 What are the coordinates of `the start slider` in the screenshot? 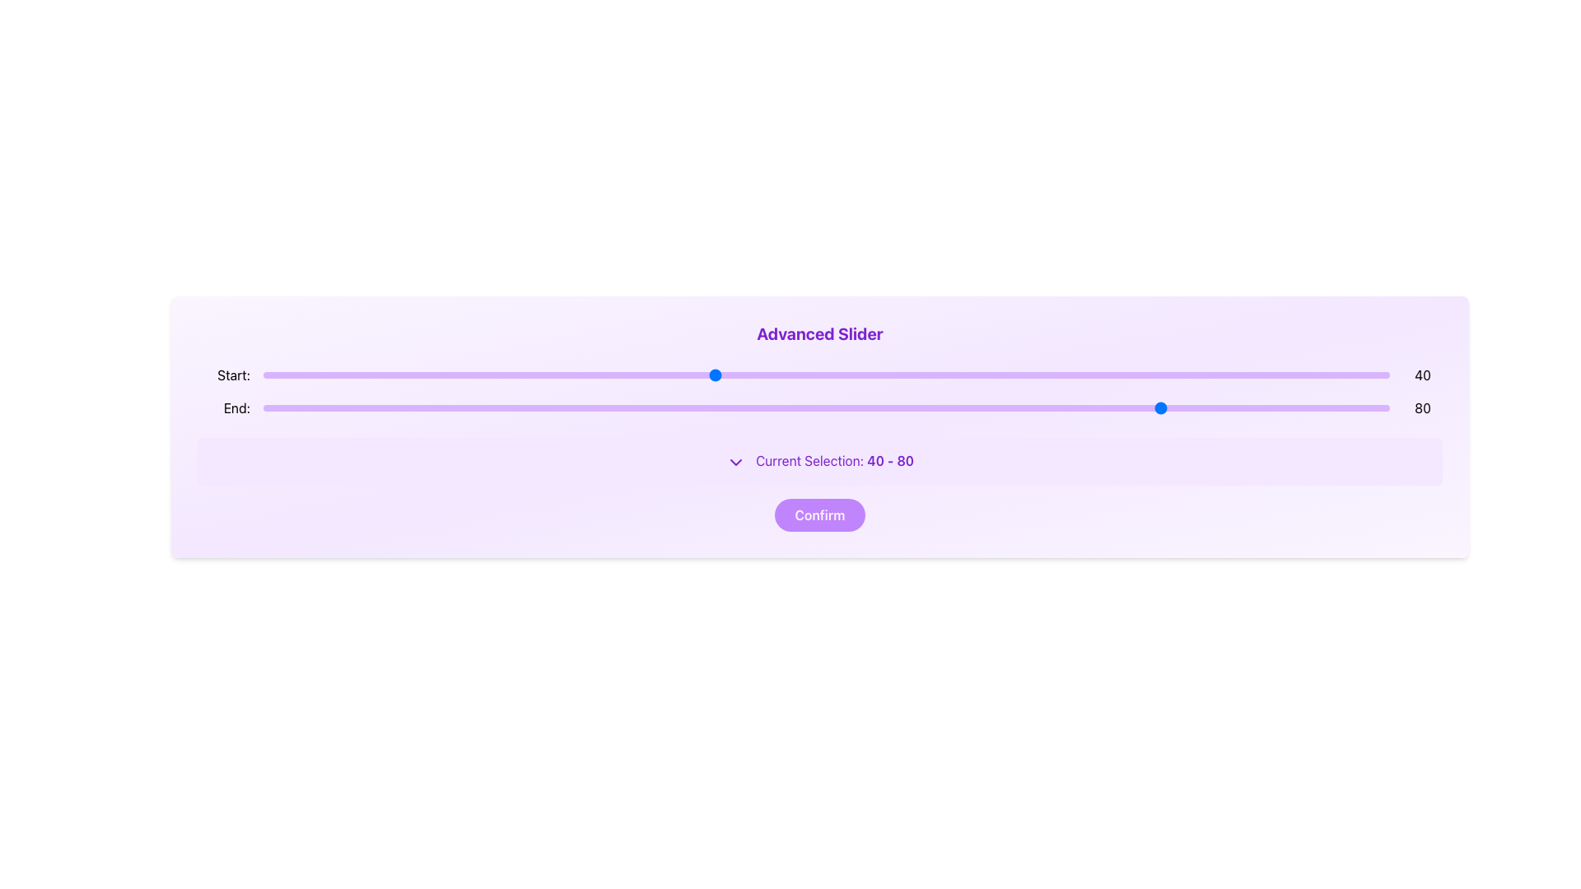 It's located at (1152, 375).